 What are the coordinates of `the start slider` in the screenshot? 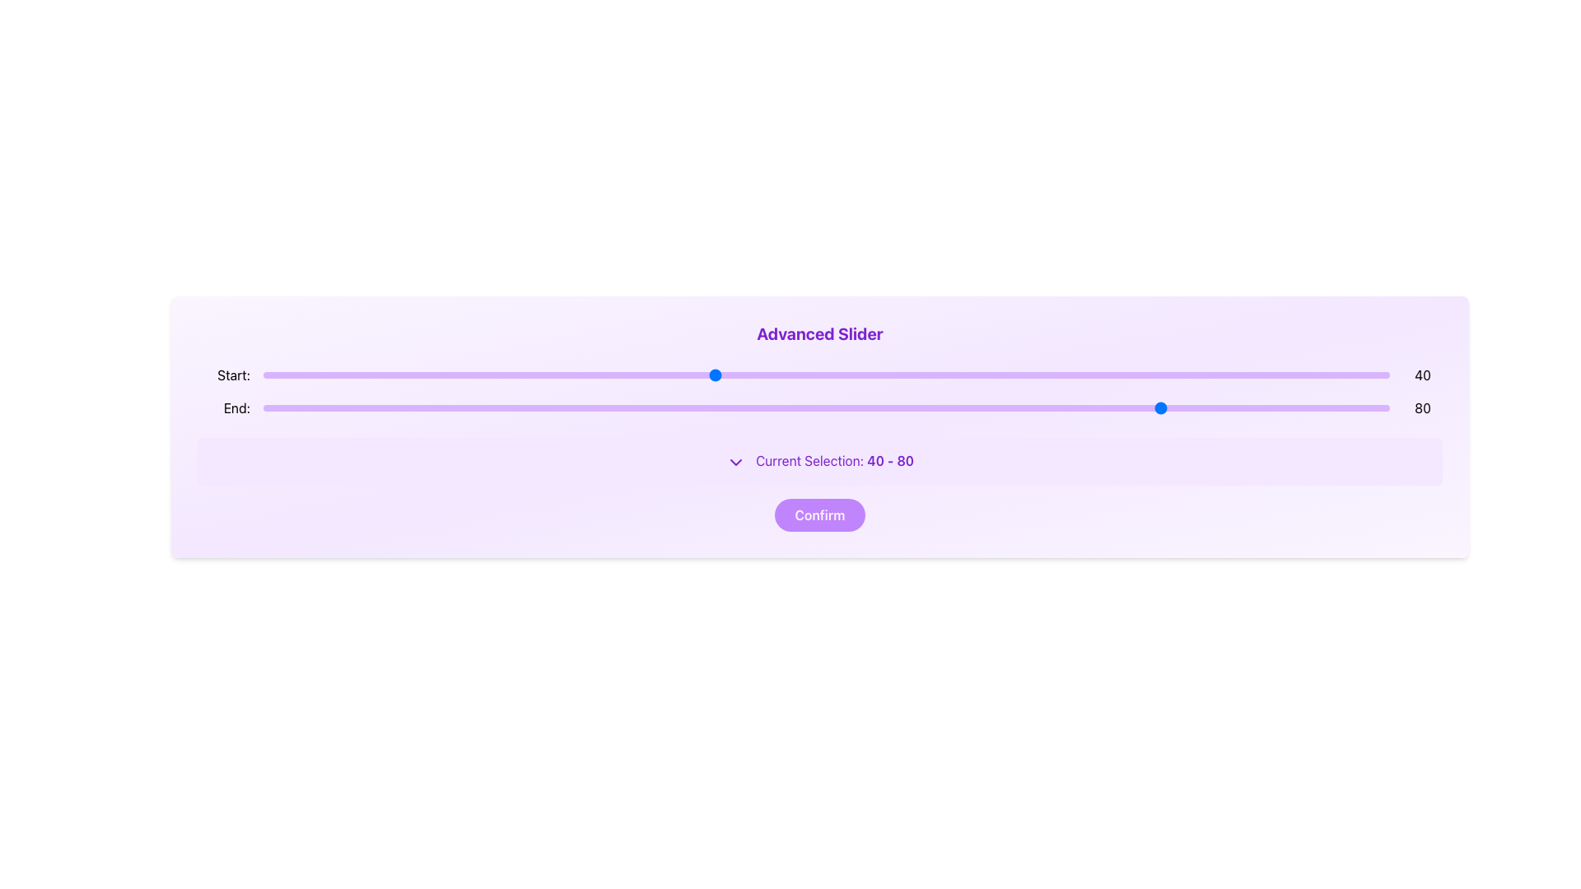 It's located at (1152, 375).